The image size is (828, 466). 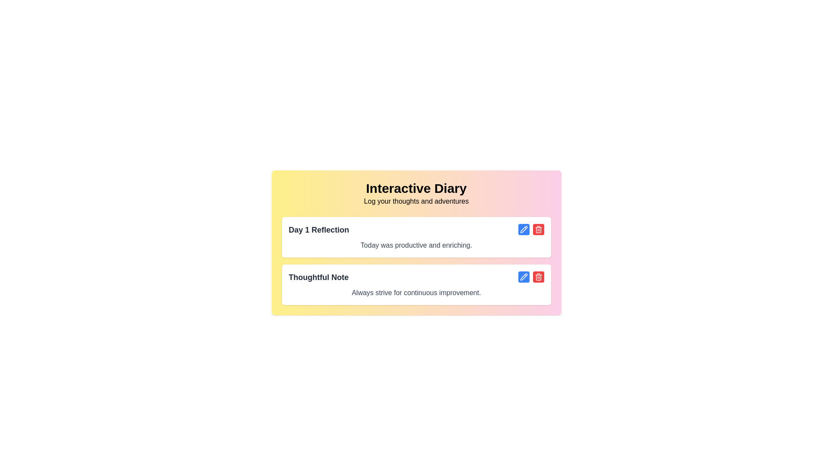 What do you see at coordinates (523, 229) in the screenshot?
I see `the edit button located on the right side of the horizontal layout` at bounding box center [523, 229].